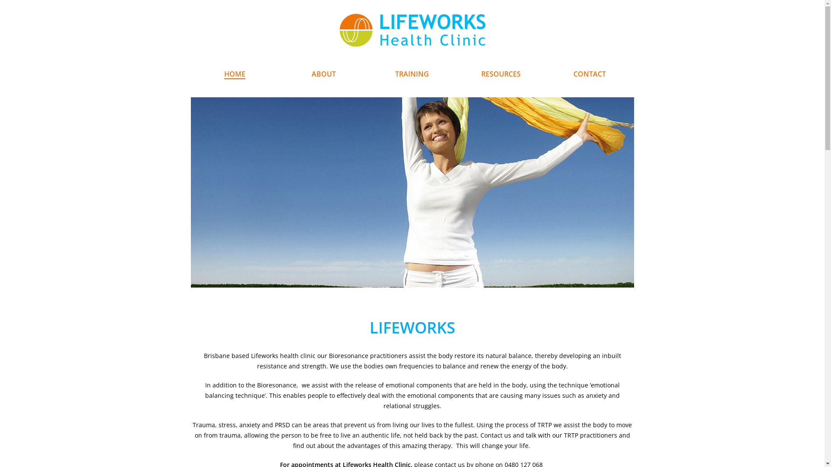  What do you see at coordinates (589, 74) in the screenshot?
I see `'CONTACT'` at bounding box center [589, 74].